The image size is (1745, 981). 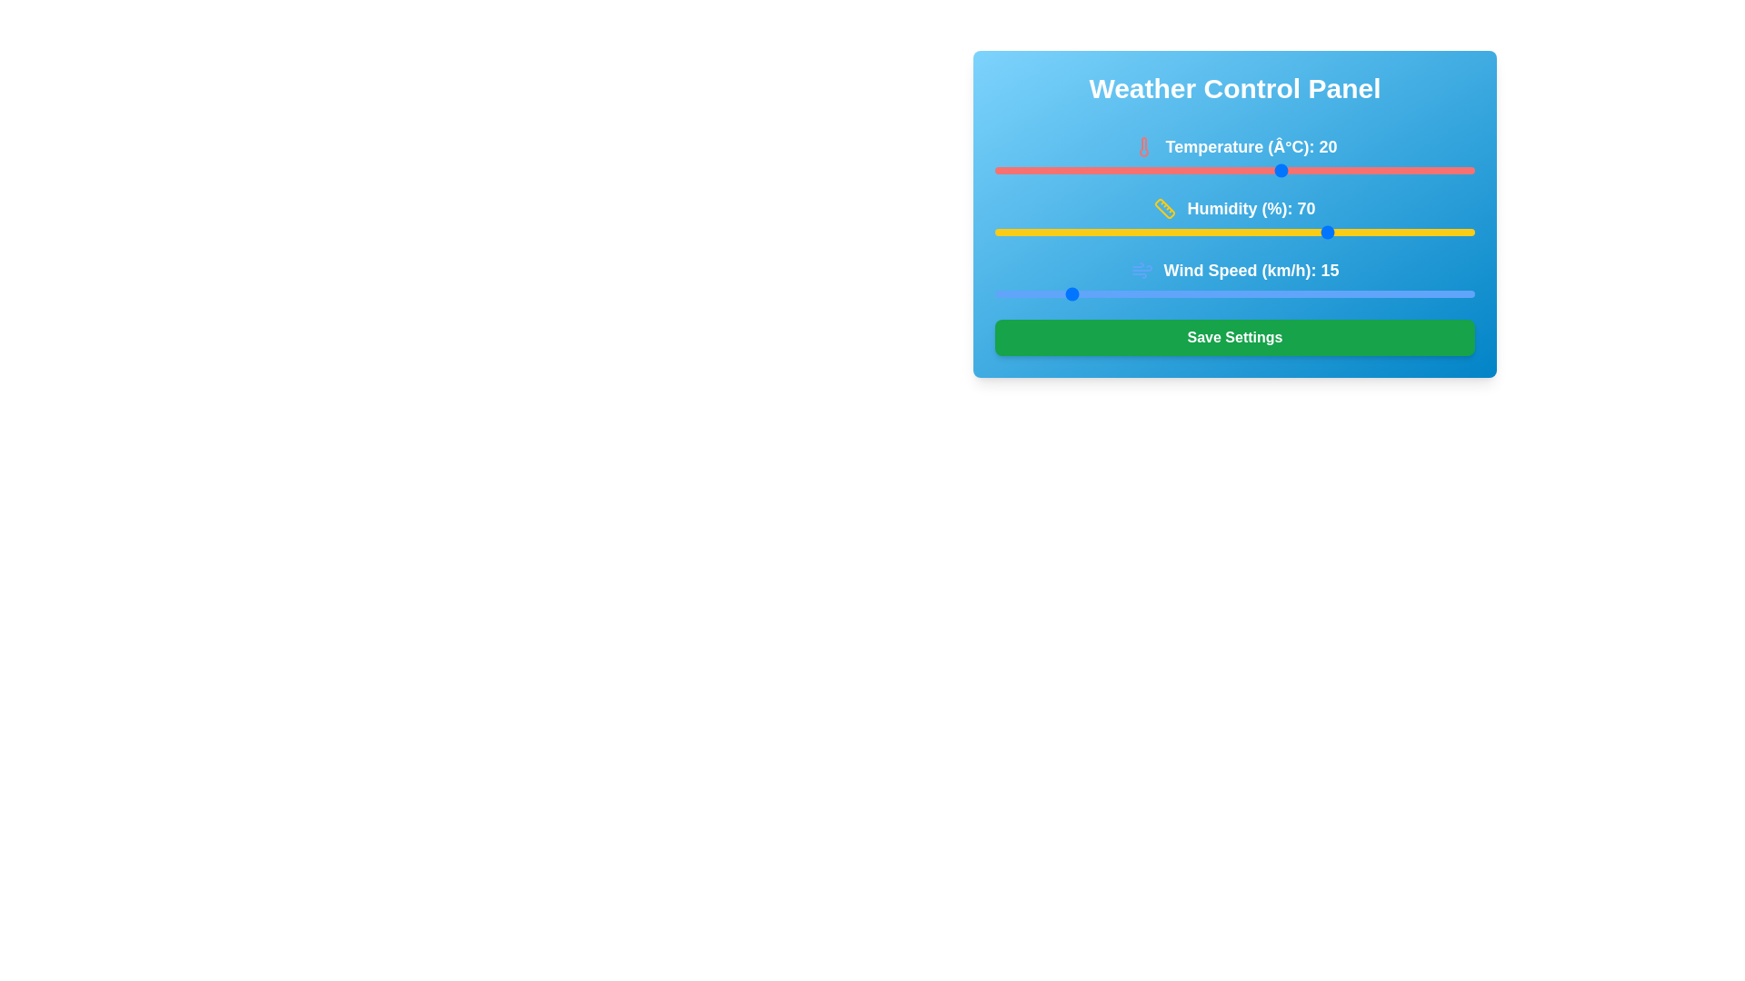 What do you see at coordinates (1369, 293) in the screenshot?
I see `wind speed` at bounding box center [1369, 293].